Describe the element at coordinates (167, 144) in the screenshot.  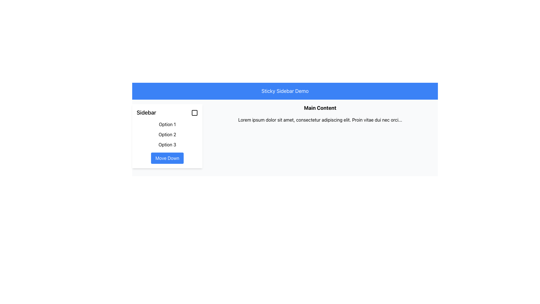
I see `the third item in the vertical list of options within the 'Sidebar', located directly below 'Option 2'` at that location.